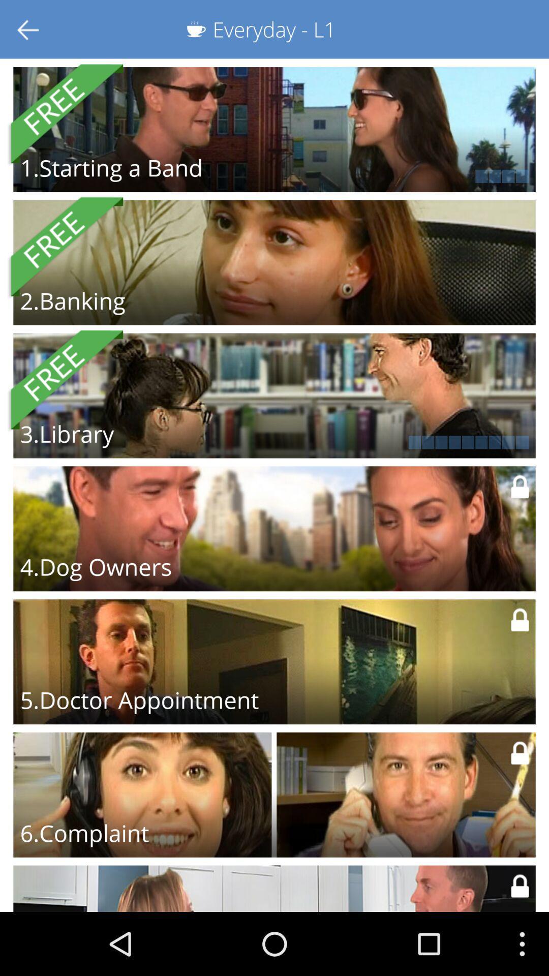 This screenshot has width=549, height=976. What do you see at coordinates (96, 566) in the screenshot?
I see `the 4.dog owners icon` at bounding box center [96, 566].